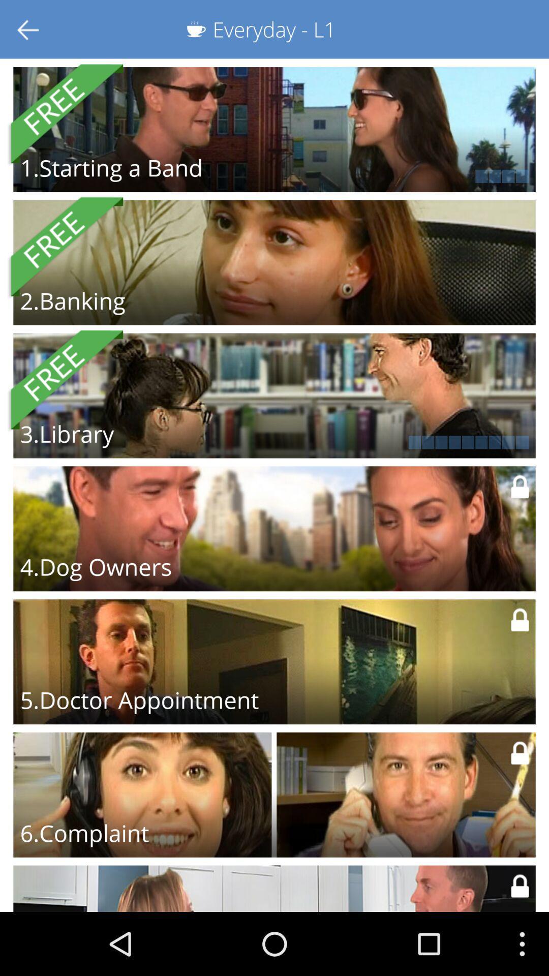 This screenshot has width=549, height=976. What do you see at coordinates (96, 566) in the screenshot?
I see `the 4.dog owners icon` at bounding box center [96, 566].